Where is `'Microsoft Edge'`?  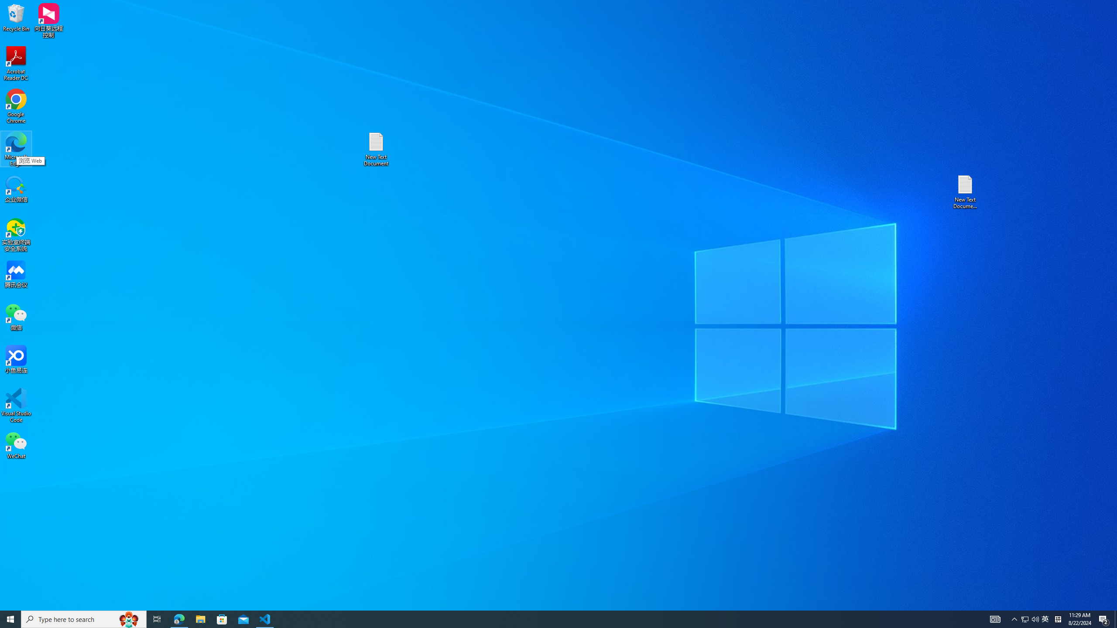 'Microsoft Edge' is located at coordinates (16, 149).